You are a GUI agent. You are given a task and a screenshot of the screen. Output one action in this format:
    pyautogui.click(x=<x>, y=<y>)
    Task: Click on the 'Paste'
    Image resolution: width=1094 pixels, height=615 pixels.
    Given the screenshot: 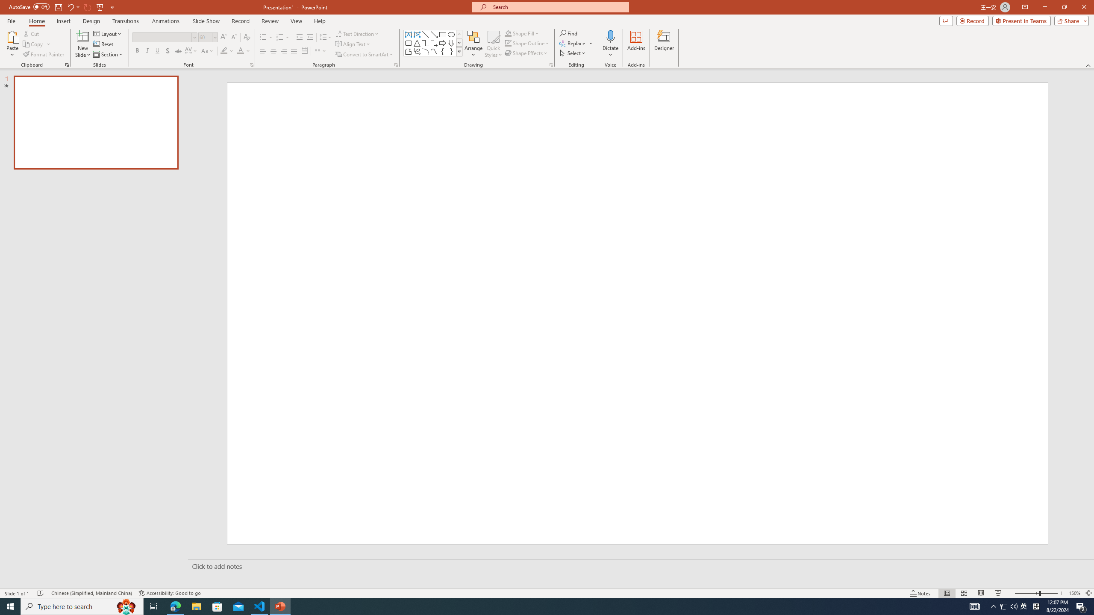 What is the action you would take?
    pyautogui.click(x=12, y=44)
    